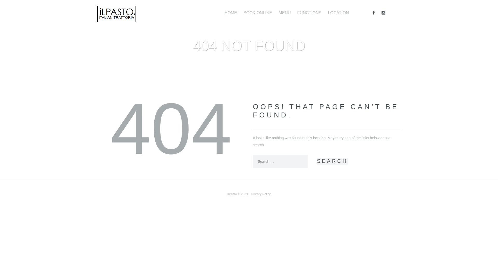  Describe the element at coordinates (338, 13) in the screenshot. I see `'LOCATION'` at that location.